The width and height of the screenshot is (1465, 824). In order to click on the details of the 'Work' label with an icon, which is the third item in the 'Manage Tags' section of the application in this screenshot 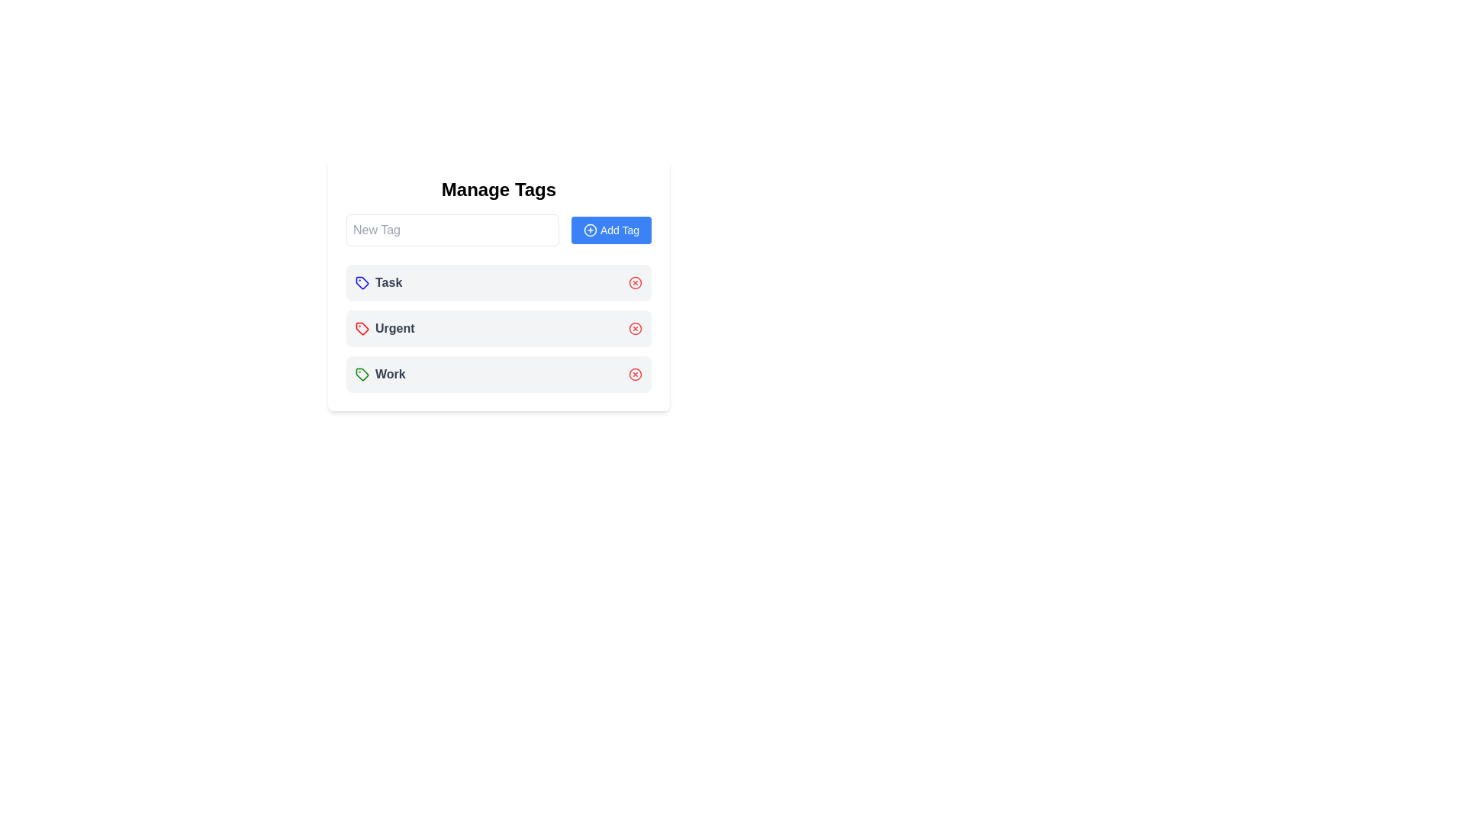, I will do `click(380, 374)`.